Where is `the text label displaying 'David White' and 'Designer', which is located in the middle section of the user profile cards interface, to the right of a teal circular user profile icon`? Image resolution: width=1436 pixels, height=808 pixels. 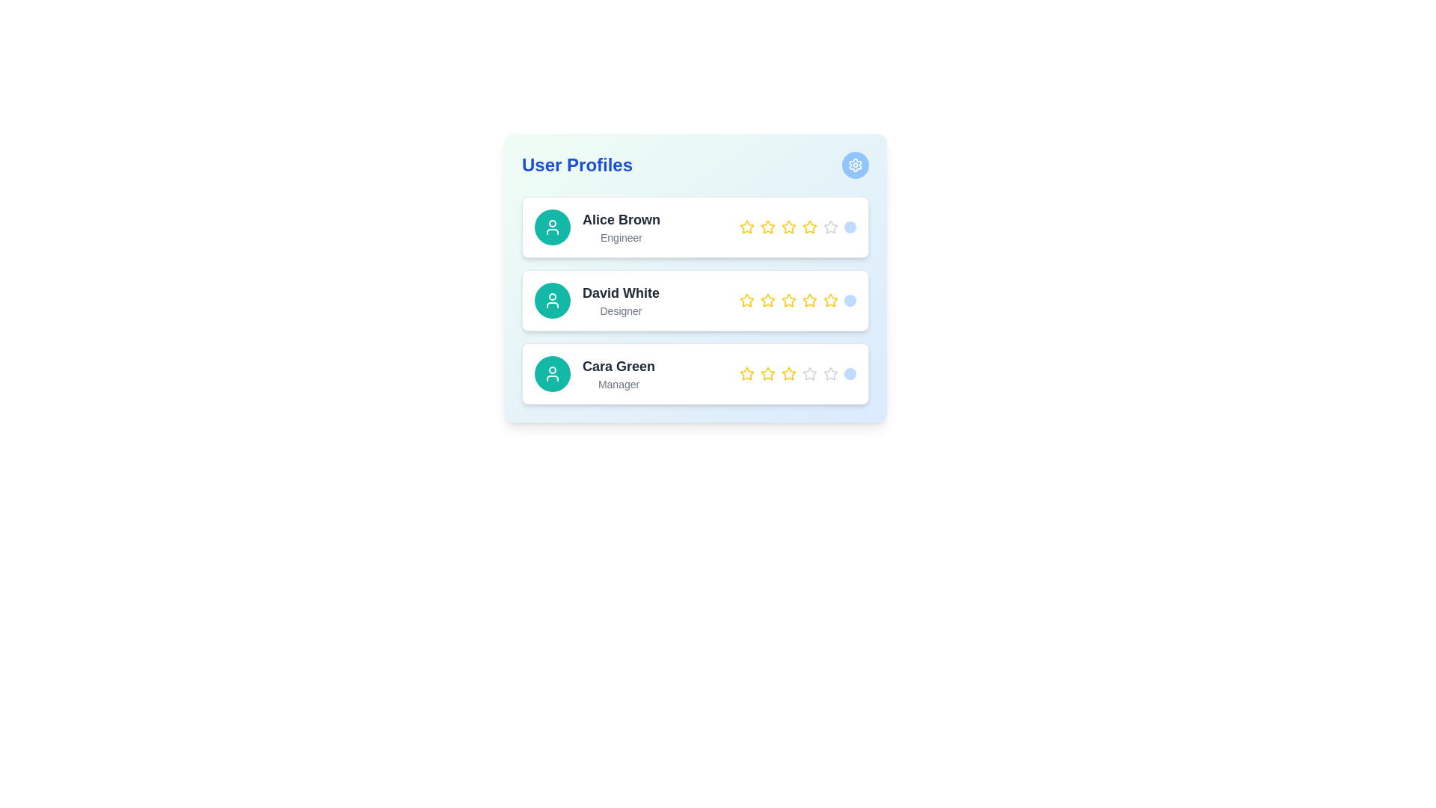 the text label displaying 'David White' and 'Designer', which is located in the middle section of the user profile cards interface, to the right of a teal circular user profile icon is located at coordinates (621, 300).